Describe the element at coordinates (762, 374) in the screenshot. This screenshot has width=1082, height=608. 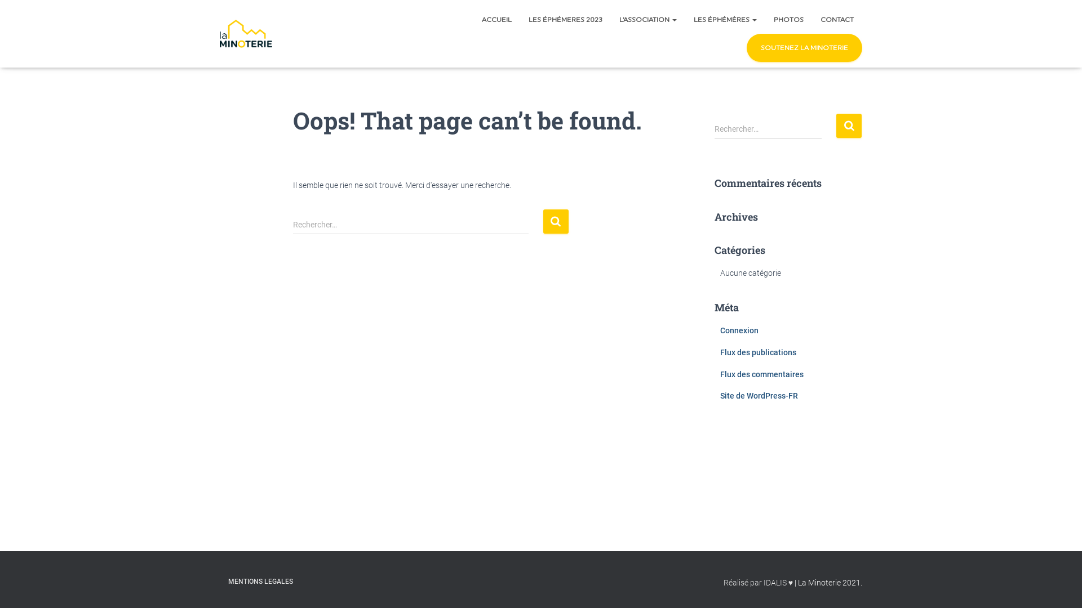
I see `'Flux des commentaires'` at that location.